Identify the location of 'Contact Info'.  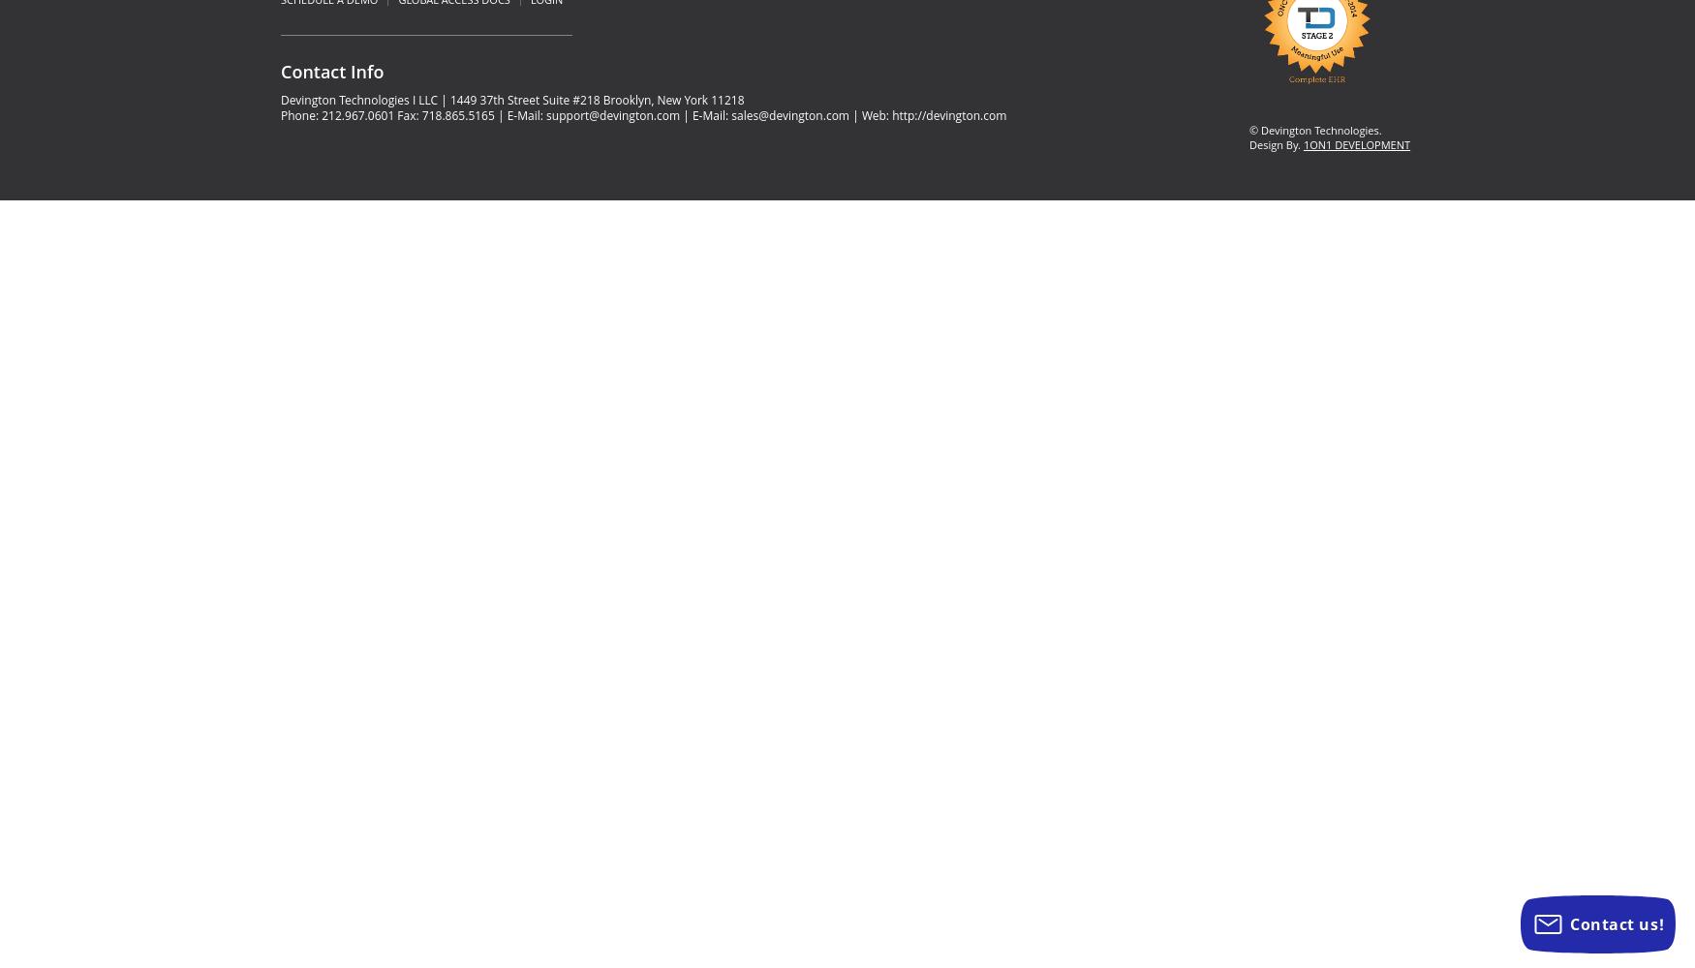
(332, 71).